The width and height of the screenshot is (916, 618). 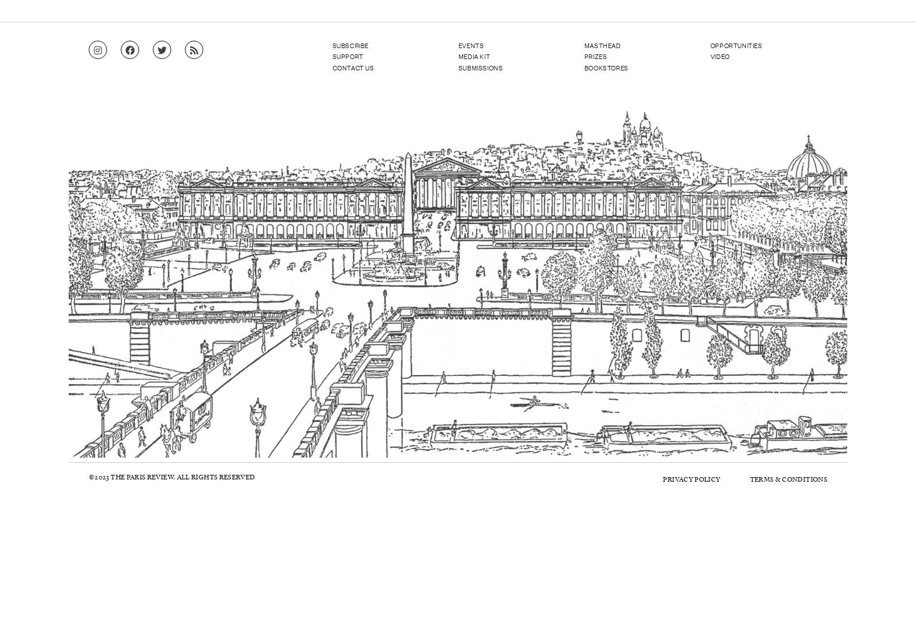 What do you see at coordinates (172, 477) in the screenshot?
I see `'©2023 The Paris Review. All rights reserved'` at bounding box center [172, 477].